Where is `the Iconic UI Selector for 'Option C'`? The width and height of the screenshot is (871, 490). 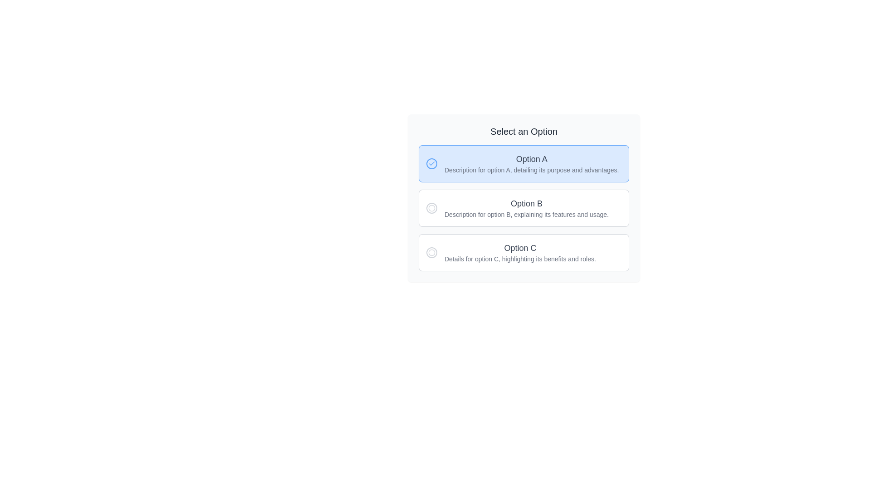
the Iconic UI Selector for 'Option C' is located at coordinates (431, 252).